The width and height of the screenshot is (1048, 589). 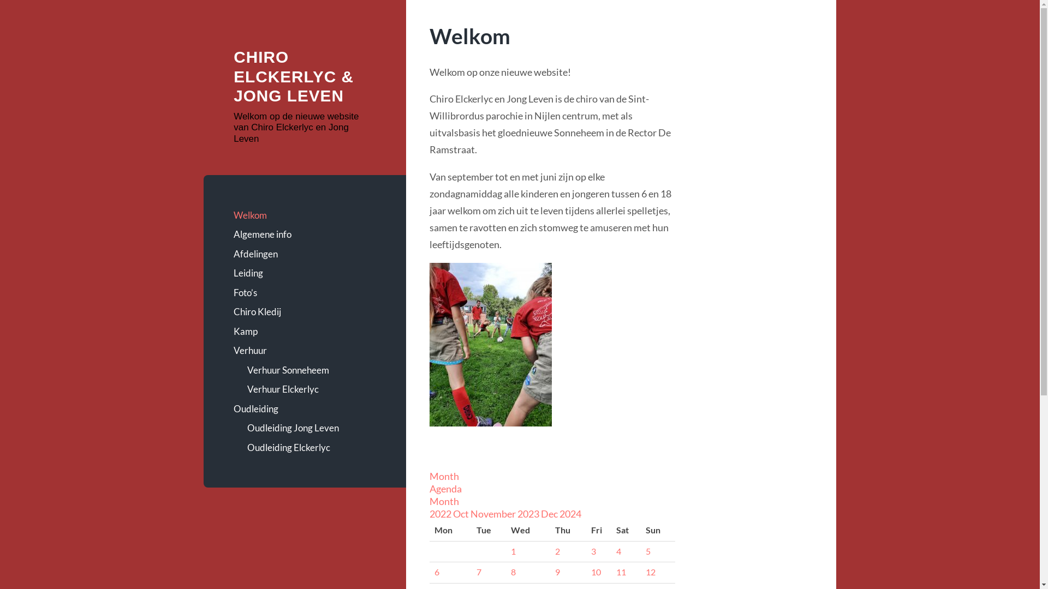 I want to click on 'Chiro Kledij', so click(x=304, y=311).